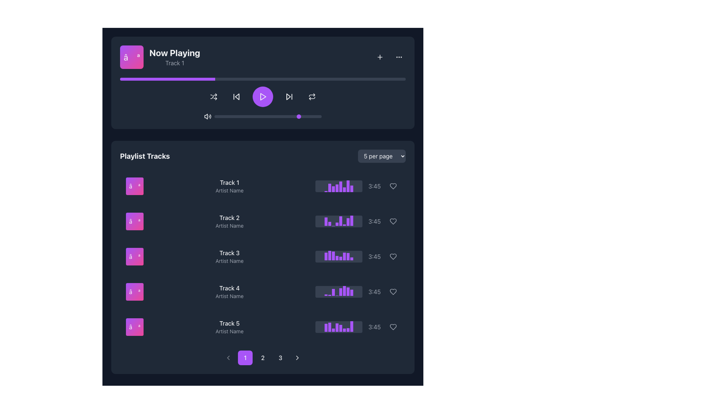 Image resolution: width=705 pixels, height=396 pixels. I want to click on the text label displaying 'Artist Name', which is located directly beneath the 'Track 1' label in the playlist, so click(229, 190).